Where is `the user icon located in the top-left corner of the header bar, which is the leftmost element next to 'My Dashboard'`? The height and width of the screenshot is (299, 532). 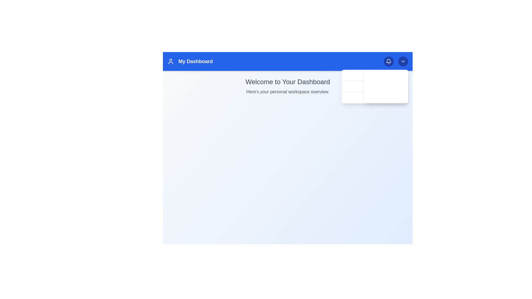 the user icon located in the top-left corner of the header bar, which is the leftmost element next to 'My Dashboard' is located at coordinates (170, 61).